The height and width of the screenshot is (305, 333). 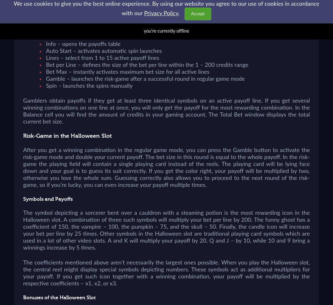 I want to click on 'Info – opens the payoffs table', so click(x=83, y=44).